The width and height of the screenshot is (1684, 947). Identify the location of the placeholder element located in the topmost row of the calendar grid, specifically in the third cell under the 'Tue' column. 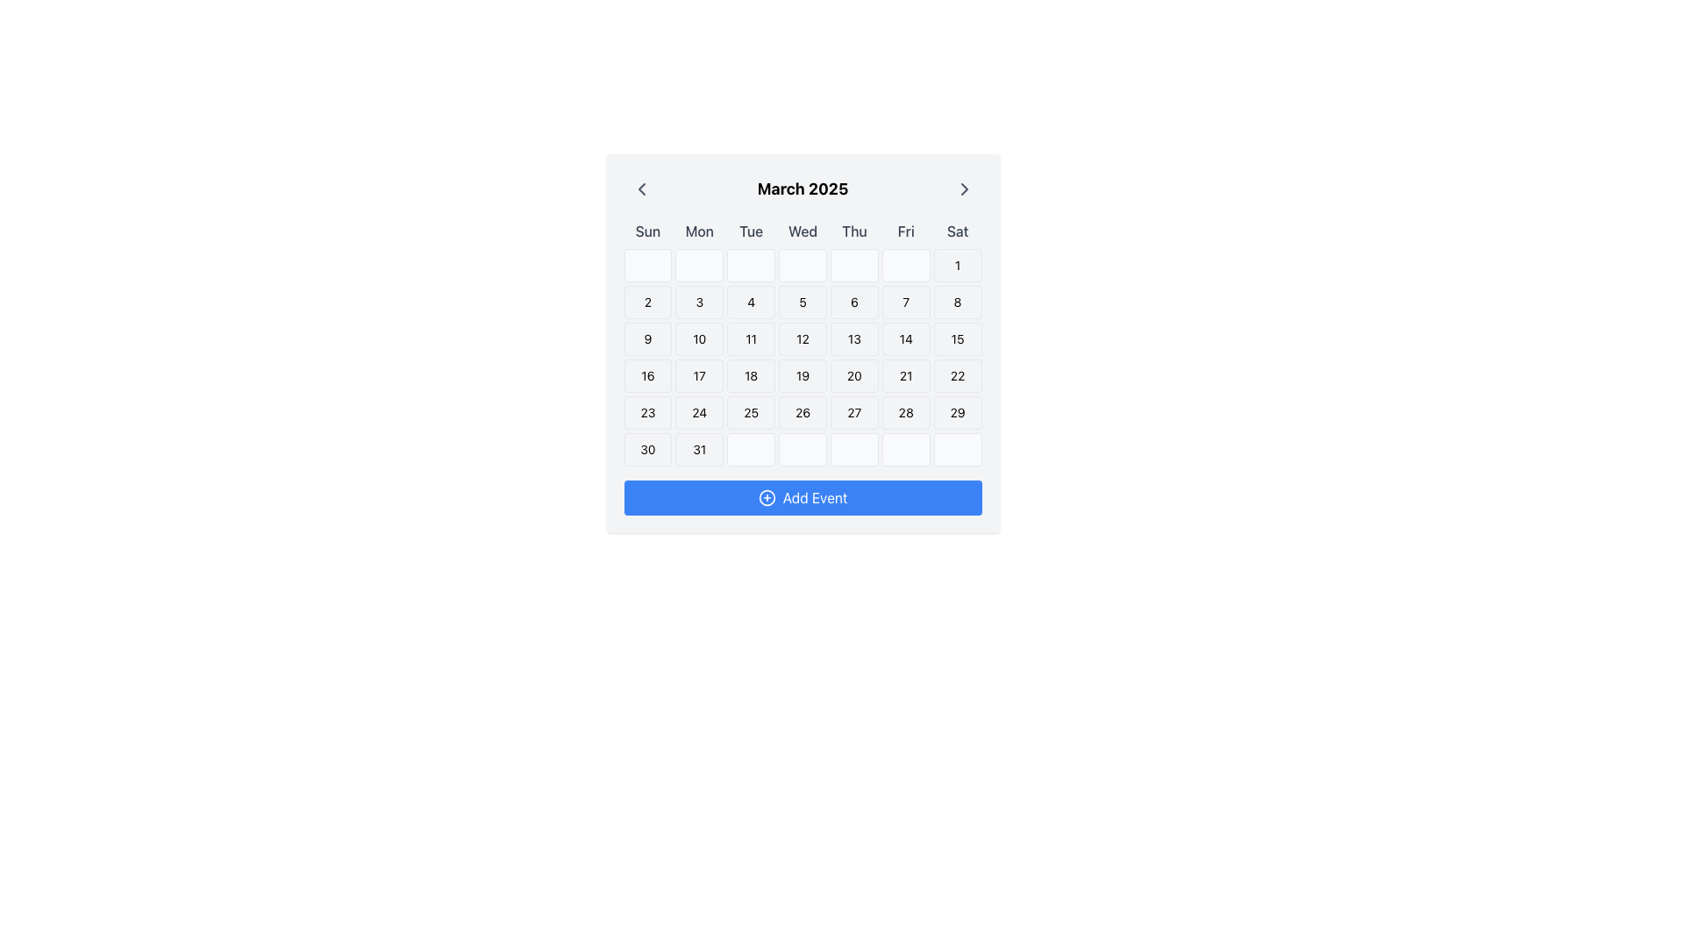
(751, 266).